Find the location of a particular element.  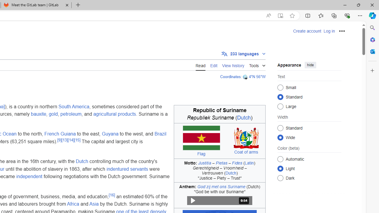

'View history' is located at coordinates (233, 65).